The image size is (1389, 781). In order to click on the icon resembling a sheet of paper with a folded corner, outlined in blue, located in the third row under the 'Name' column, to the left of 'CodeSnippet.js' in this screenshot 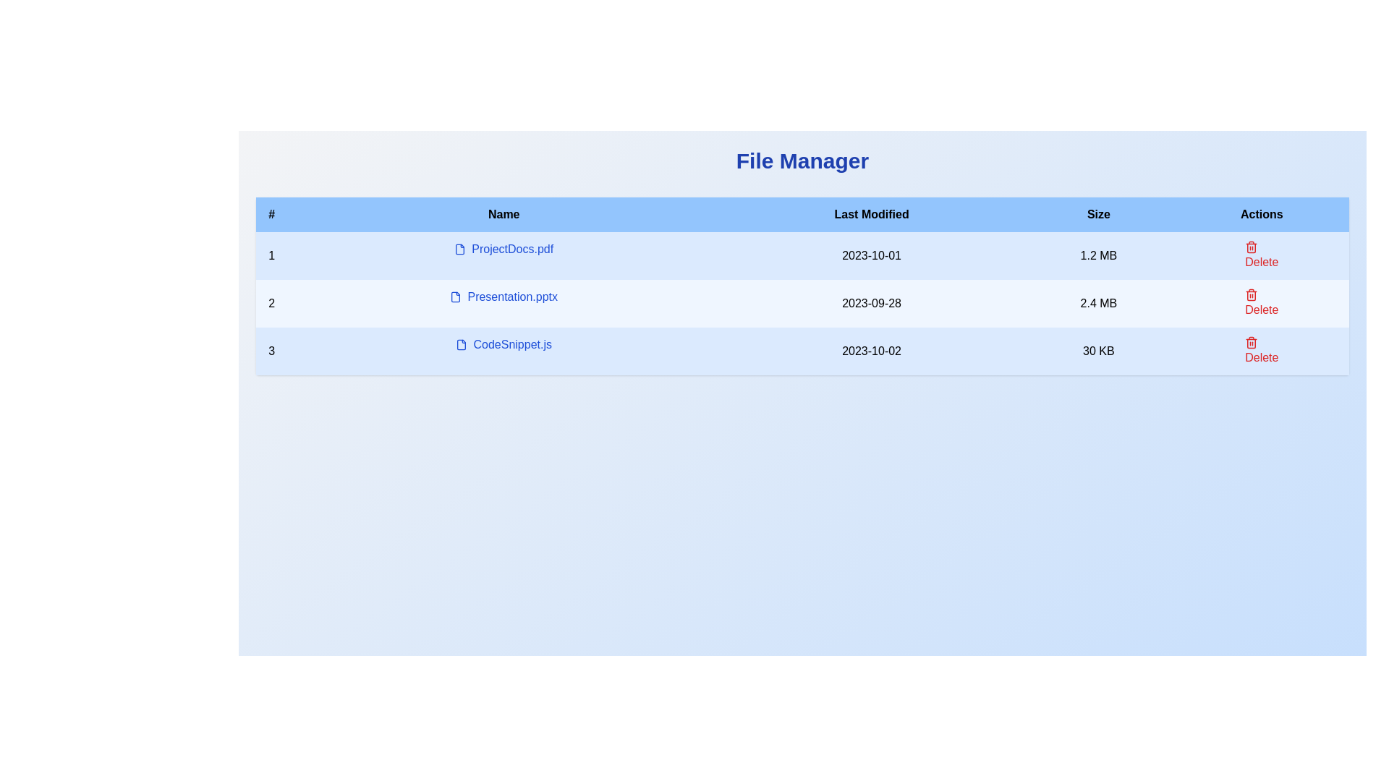, I will do `click(461, 345)`.